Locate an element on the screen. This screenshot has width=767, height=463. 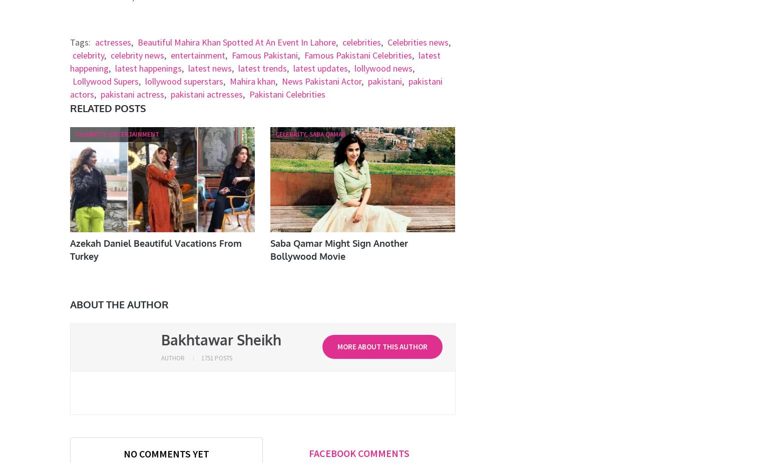
'About The Author' is located at coordinates (69, 304).